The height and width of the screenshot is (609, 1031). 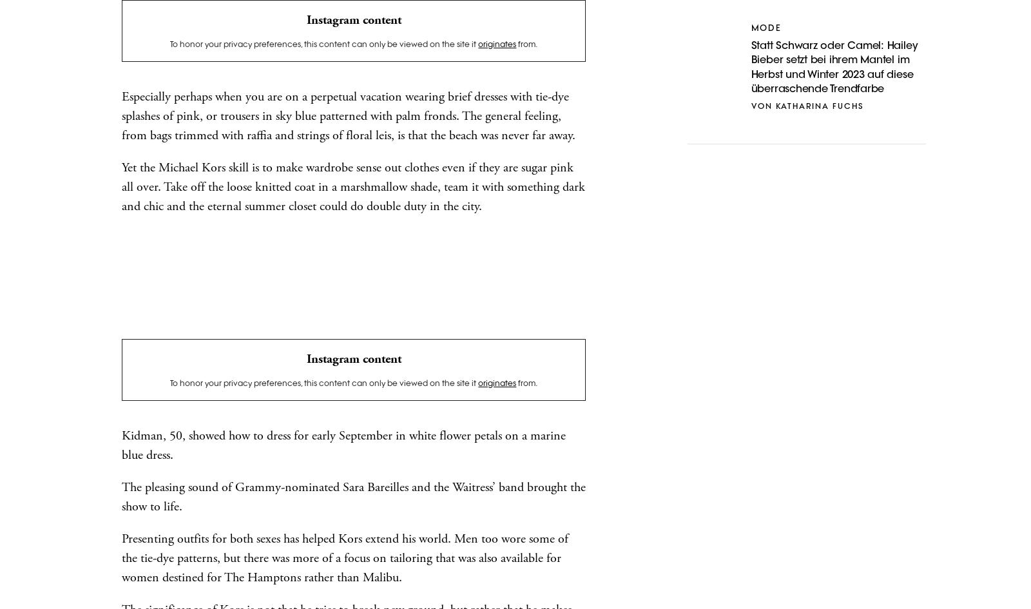 I want to click on 'Von', so click(x=750, y=107).